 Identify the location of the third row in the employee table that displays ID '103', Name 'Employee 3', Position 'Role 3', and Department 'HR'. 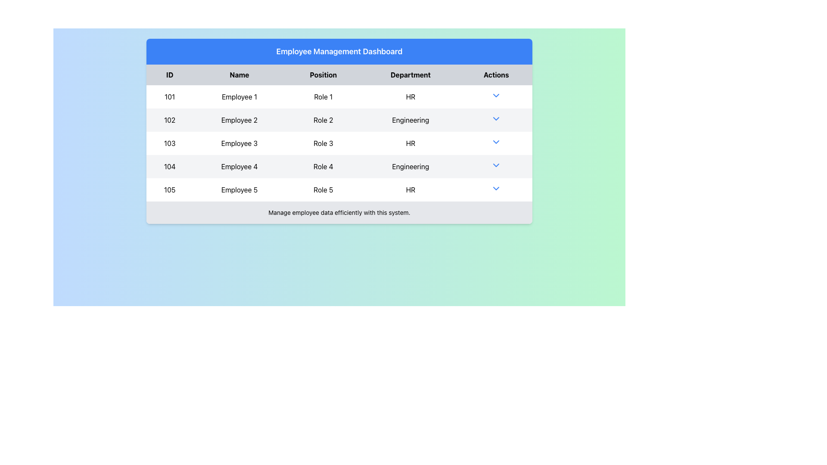
(339, 143).